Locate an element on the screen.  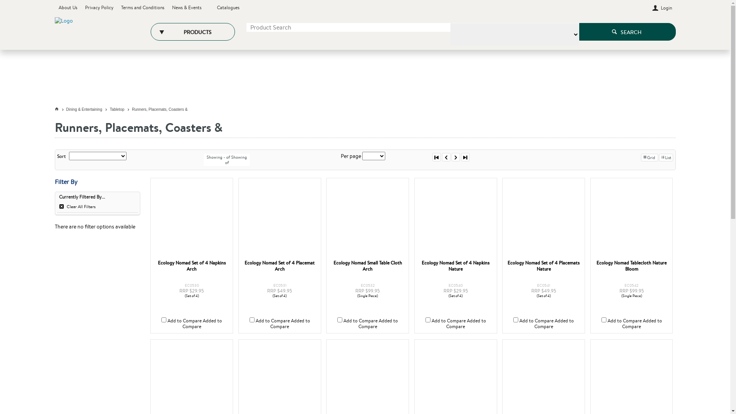
'Add to Compare' is located at coordinates (167, 320).